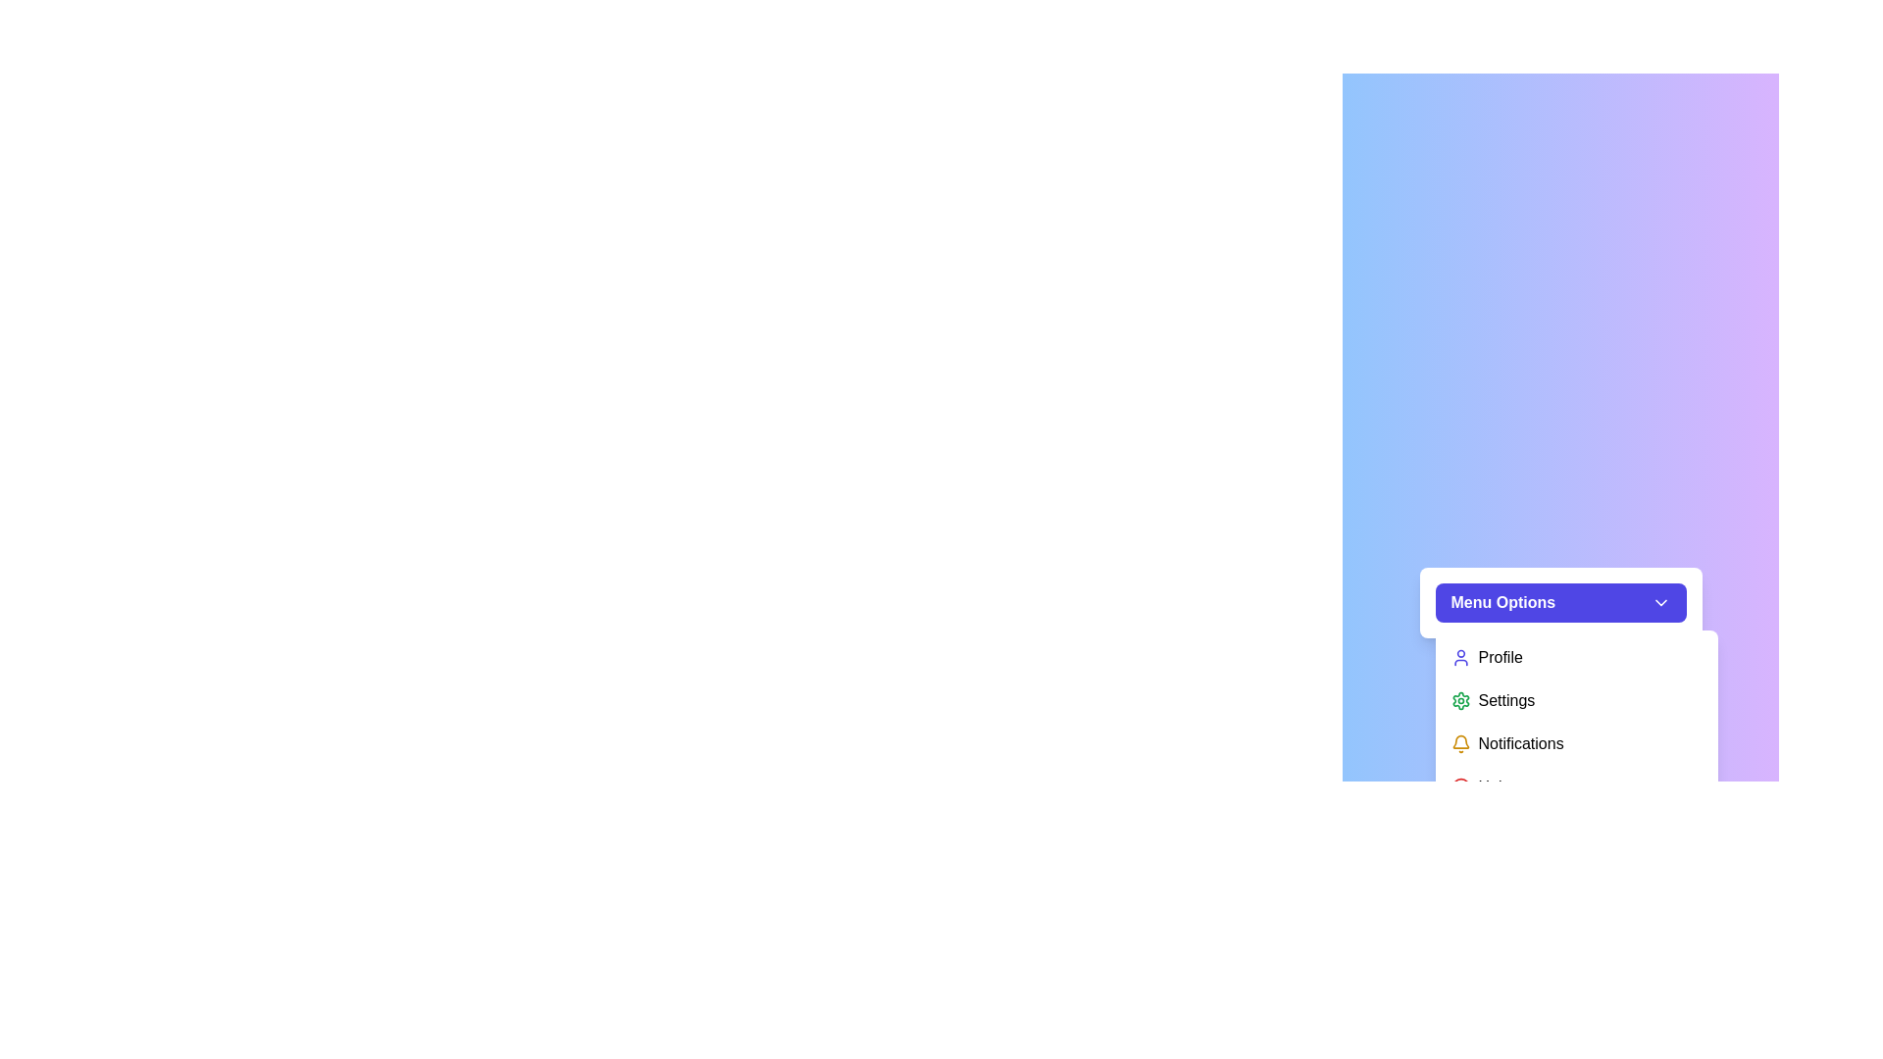 Image resolution: width=1883 pixels, height=1059 pixels. What do you see at coordinates (1576, 658) in the screenshot?
I see `the first menu item in the dropdown menu` at bounding box center [1576, 658].